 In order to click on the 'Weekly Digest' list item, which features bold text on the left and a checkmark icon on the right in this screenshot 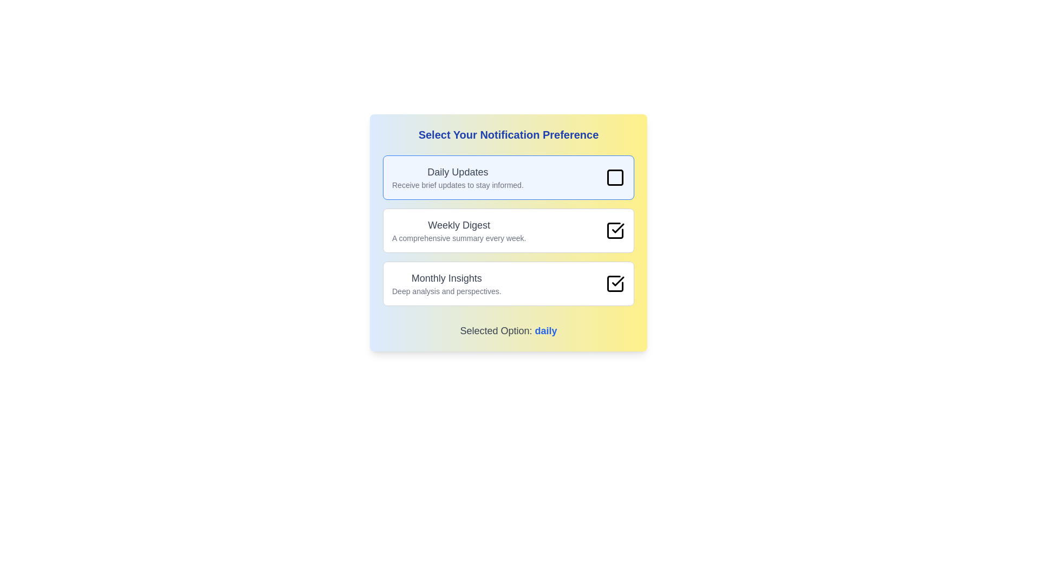, I will do `click(508, 230)`.